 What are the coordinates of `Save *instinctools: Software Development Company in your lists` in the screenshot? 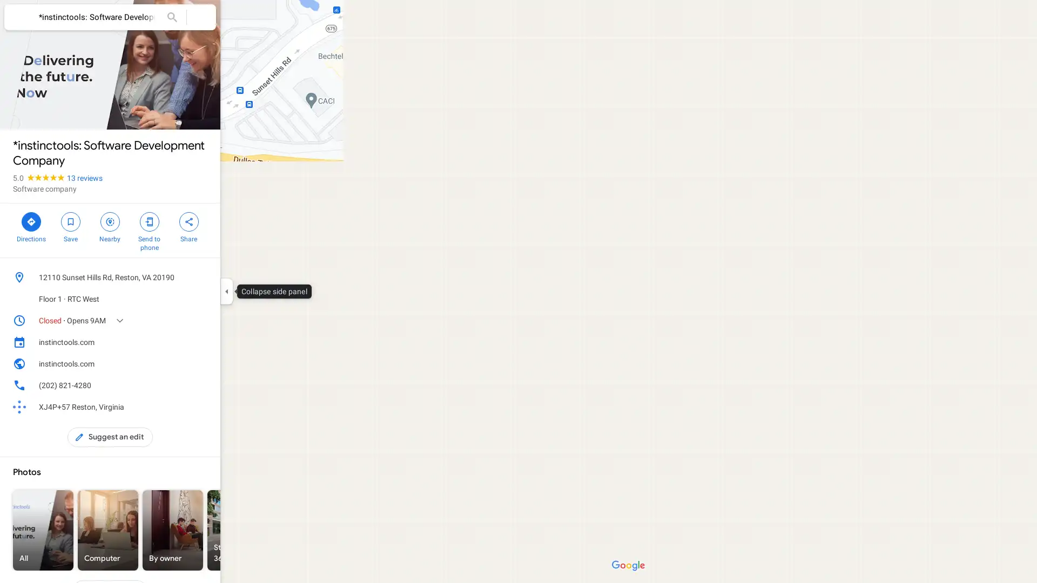 It's located at (70, 226).